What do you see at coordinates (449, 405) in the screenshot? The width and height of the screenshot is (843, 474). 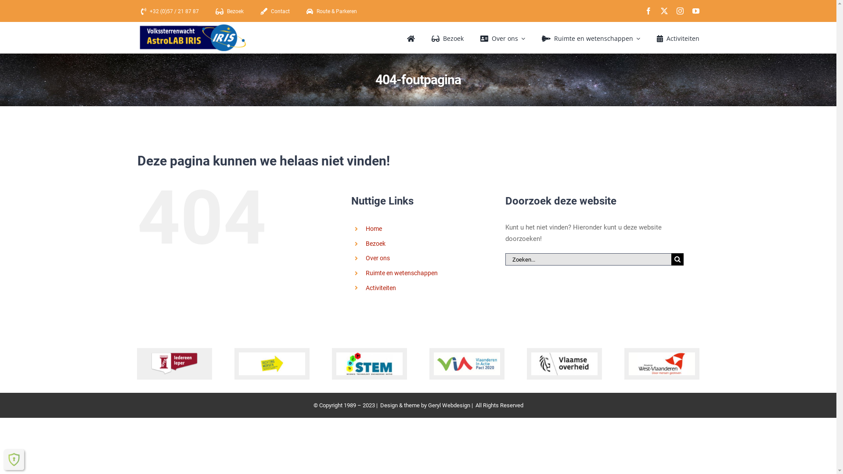 I see `'Geryl Webdesign'` at bounding box center [449, 405].